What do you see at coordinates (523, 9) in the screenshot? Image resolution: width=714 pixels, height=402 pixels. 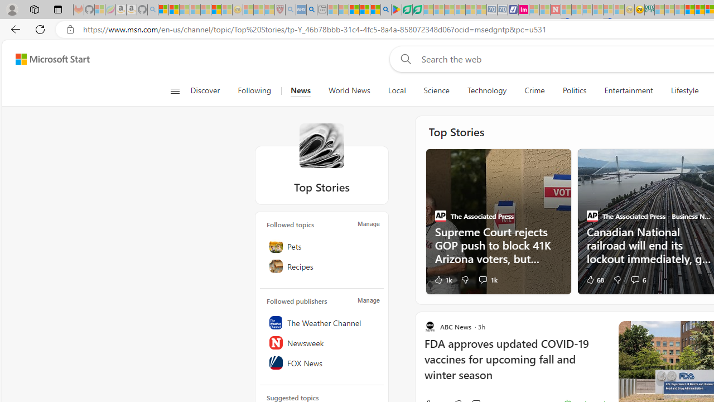 I see `'Jobs - lastminute.com Investor Portal'` at bounding box center [523, 9].